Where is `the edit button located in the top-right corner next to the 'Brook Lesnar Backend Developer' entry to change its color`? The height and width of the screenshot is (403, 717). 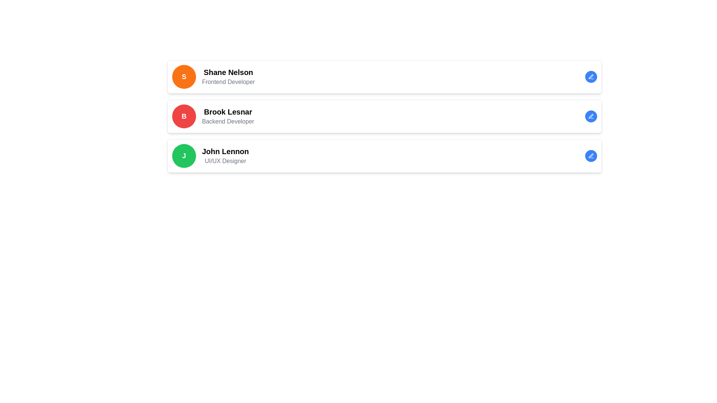 the edit button located in the top-right corner next to the 'Brook Lesnar Backend Developer' entry to change its color is located at coordinates (591, 116).